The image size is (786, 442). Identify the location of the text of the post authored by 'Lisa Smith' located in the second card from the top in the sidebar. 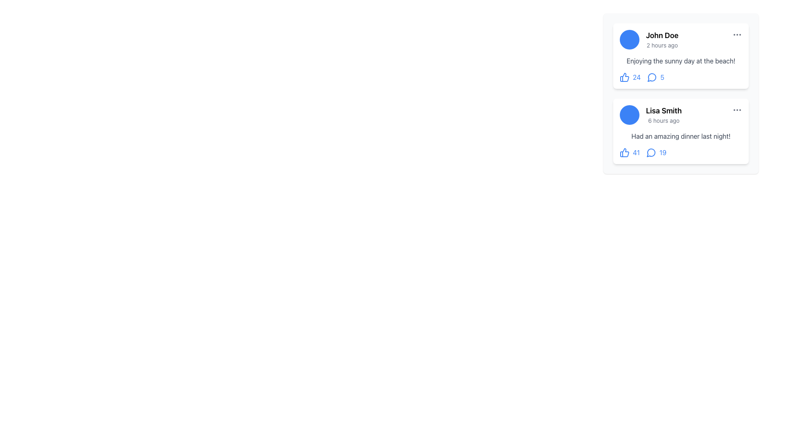
(681, 135).